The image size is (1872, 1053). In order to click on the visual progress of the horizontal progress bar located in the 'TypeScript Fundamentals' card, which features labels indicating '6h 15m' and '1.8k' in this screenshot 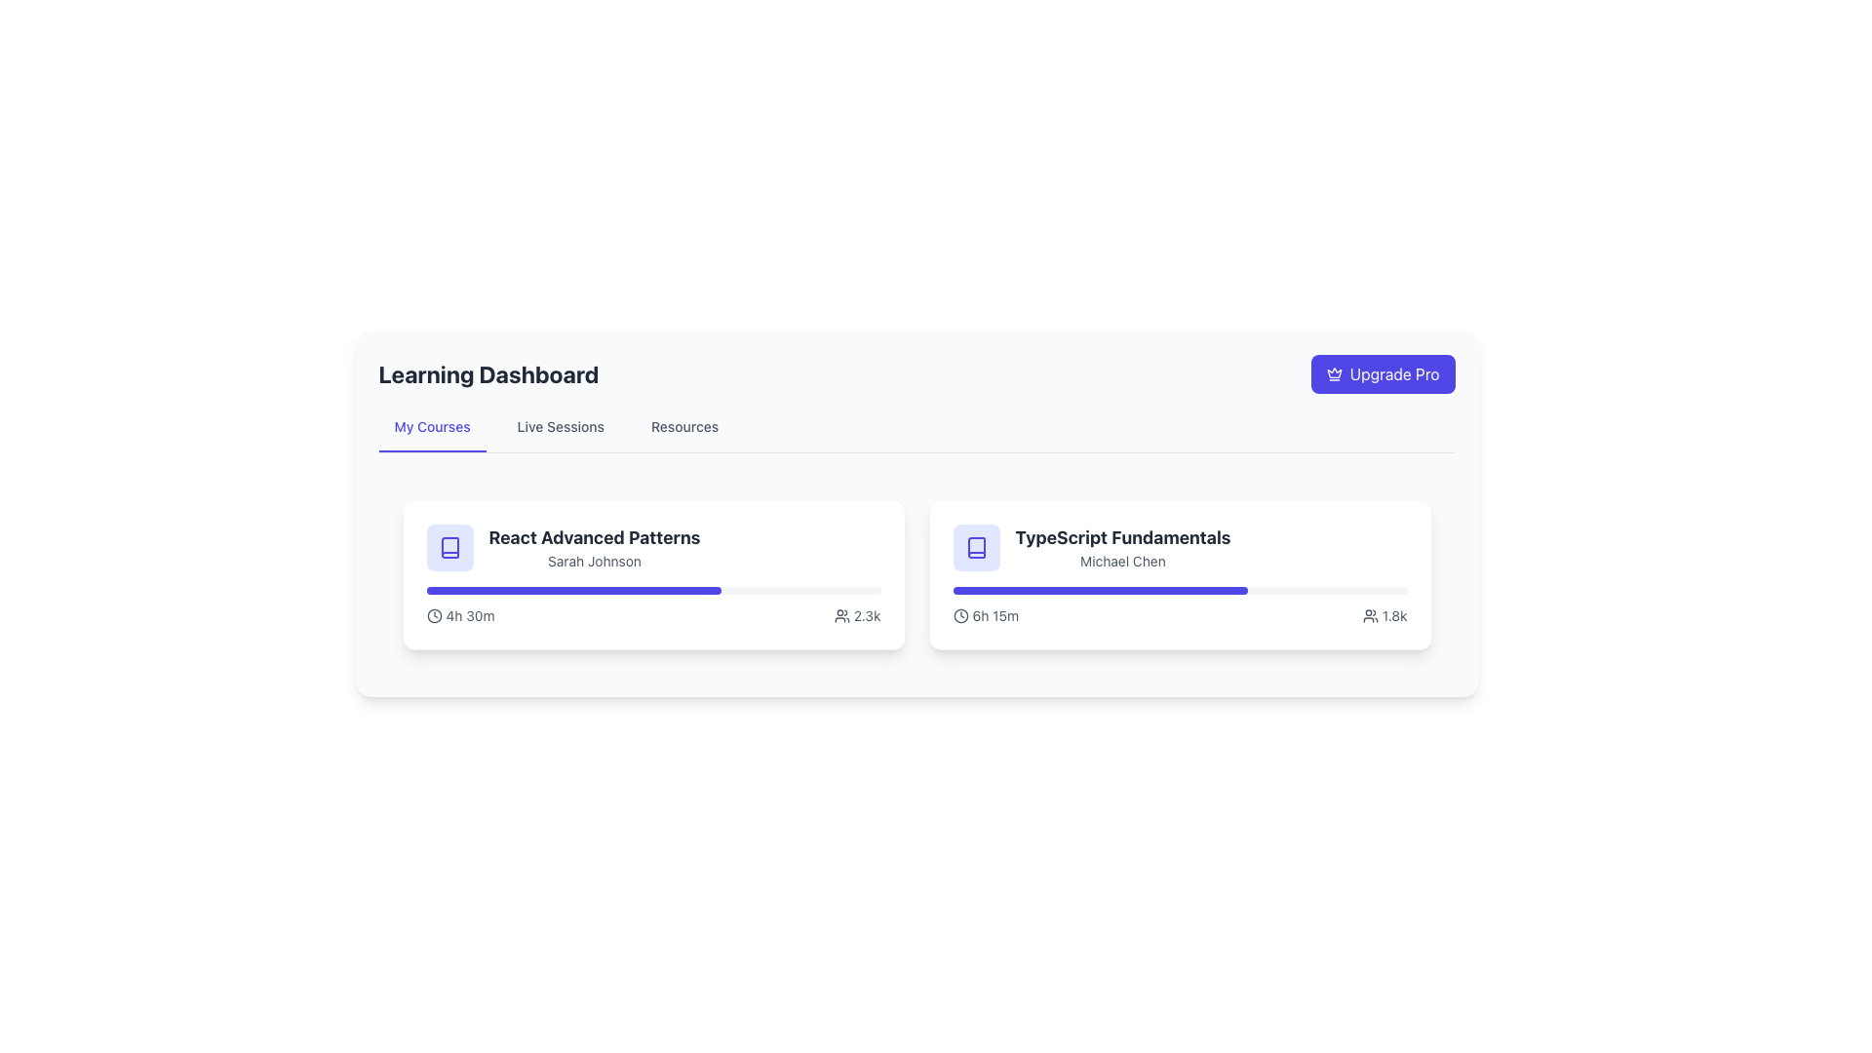, I will do `click(1179, 604)`.